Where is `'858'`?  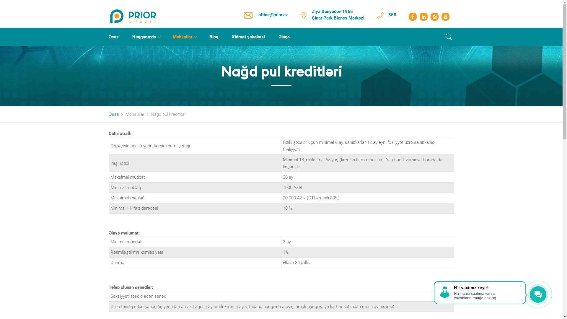
'858' is located at coordinates (392, 14).